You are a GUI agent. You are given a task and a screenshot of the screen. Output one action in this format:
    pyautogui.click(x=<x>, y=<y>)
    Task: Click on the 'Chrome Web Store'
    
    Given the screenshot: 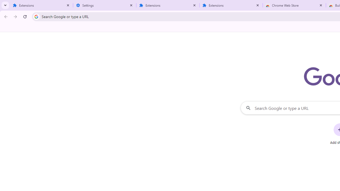 What is the action you would take?
    pyautogui.click(x=294, y=5)
    